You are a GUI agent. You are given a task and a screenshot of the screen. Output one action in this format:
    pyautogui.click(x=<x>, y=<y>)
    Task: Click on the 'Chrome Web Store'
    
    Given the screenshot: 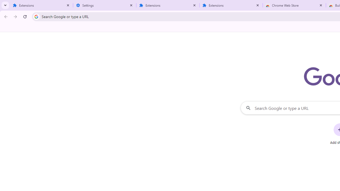 What is the action you would take?
    pyautogui.click(x=294, y=5)
    